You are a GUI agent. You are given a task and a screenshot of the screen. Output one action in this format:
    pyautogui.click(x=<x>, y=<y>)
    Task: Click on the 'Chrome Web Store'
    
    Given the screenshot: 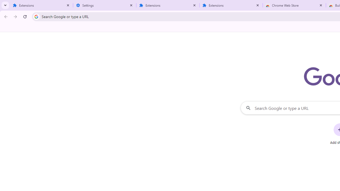 What is the action you would take?
    pyautogui.click(x=294, y=5)
    